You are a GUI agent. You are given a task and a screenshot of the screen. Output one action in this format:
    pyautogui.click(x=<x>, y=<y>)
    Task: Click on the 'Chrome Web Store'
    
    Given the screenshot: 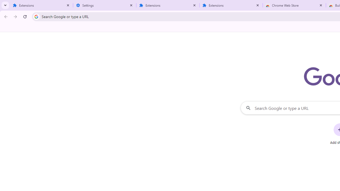 What is the action you would take?
    pyautogui.click(x=294, y=5)
    